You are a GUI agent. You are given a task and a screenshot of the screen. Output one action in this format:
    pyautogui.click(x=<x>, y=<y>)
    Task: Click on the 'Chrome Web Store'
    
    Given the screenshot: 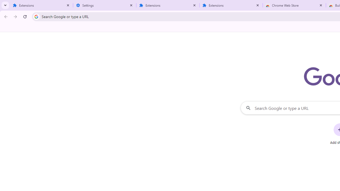 What is the action you would take?
    pyautogui.click(x=294, y=5)
    